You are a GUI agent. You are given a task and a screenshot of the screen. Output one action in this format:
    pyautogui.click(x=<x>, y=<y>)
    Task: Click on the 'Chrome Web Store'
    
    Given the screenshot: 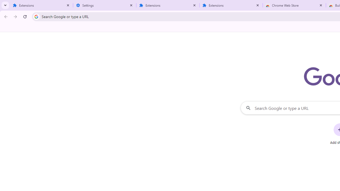 What is the action you would take?
    pyautogui.click(x=294, y=5)
    